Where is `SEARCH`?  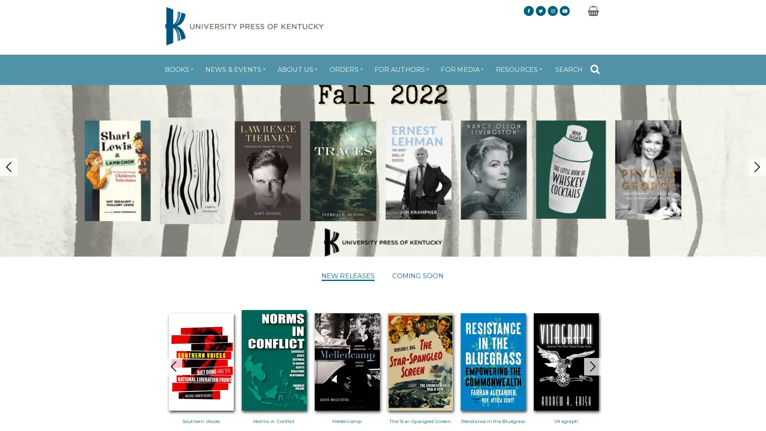 SEARCH is located at coordinates (578, 63).